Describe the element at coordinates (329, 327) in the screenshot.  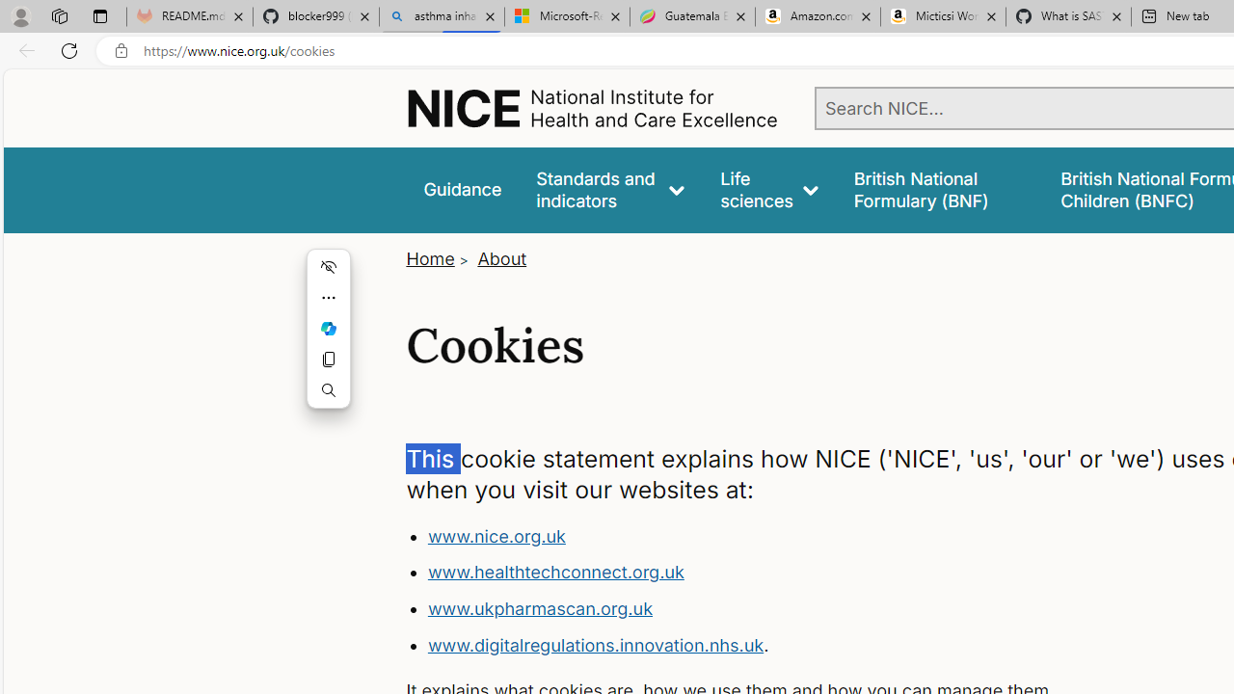
I see `'Ask Copilot'` at that location.